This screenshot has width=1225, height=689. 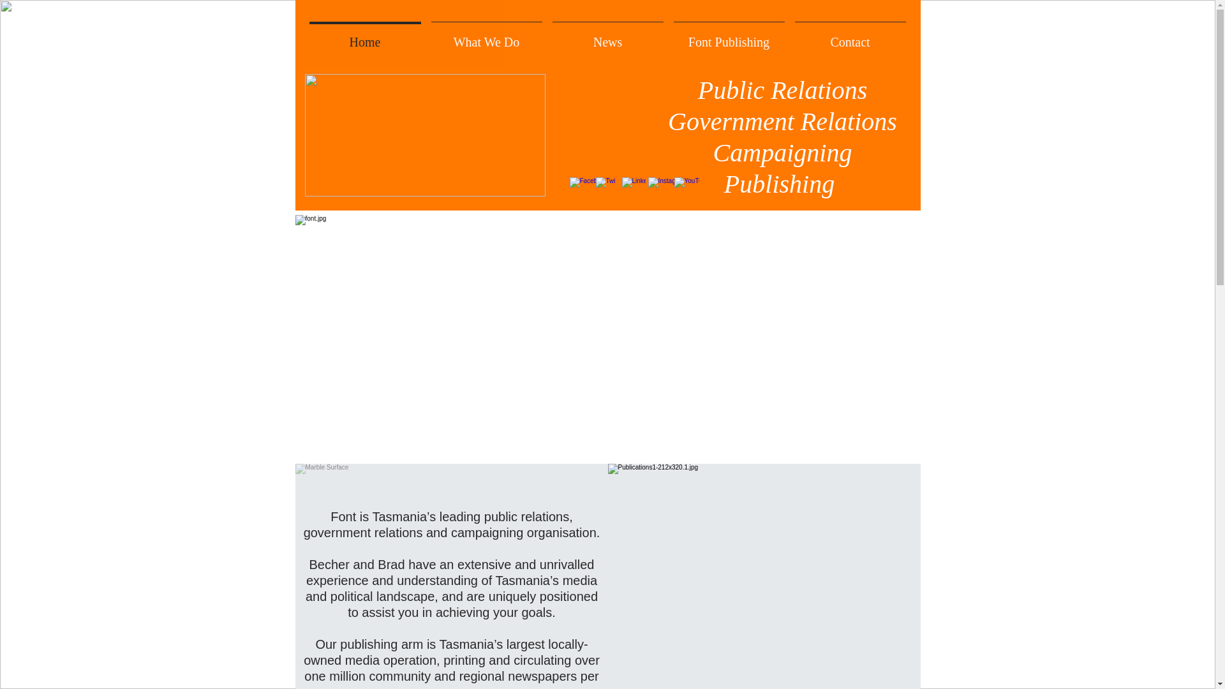 I want to click on 'News', so click(x=547, y=36).